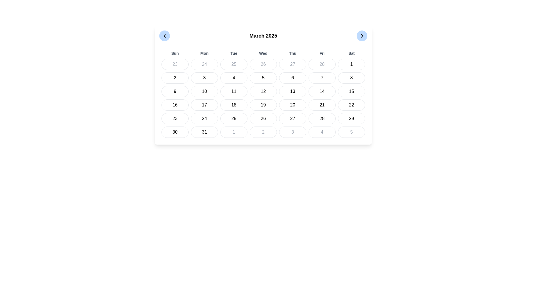 The image size is (543, 305). What do you see at coordinates (175, 105) in the screenshot?
I see `the button displaying the number '16' located in the third row of the calendar view under 'Mon'` at bounding box center [175, 105].